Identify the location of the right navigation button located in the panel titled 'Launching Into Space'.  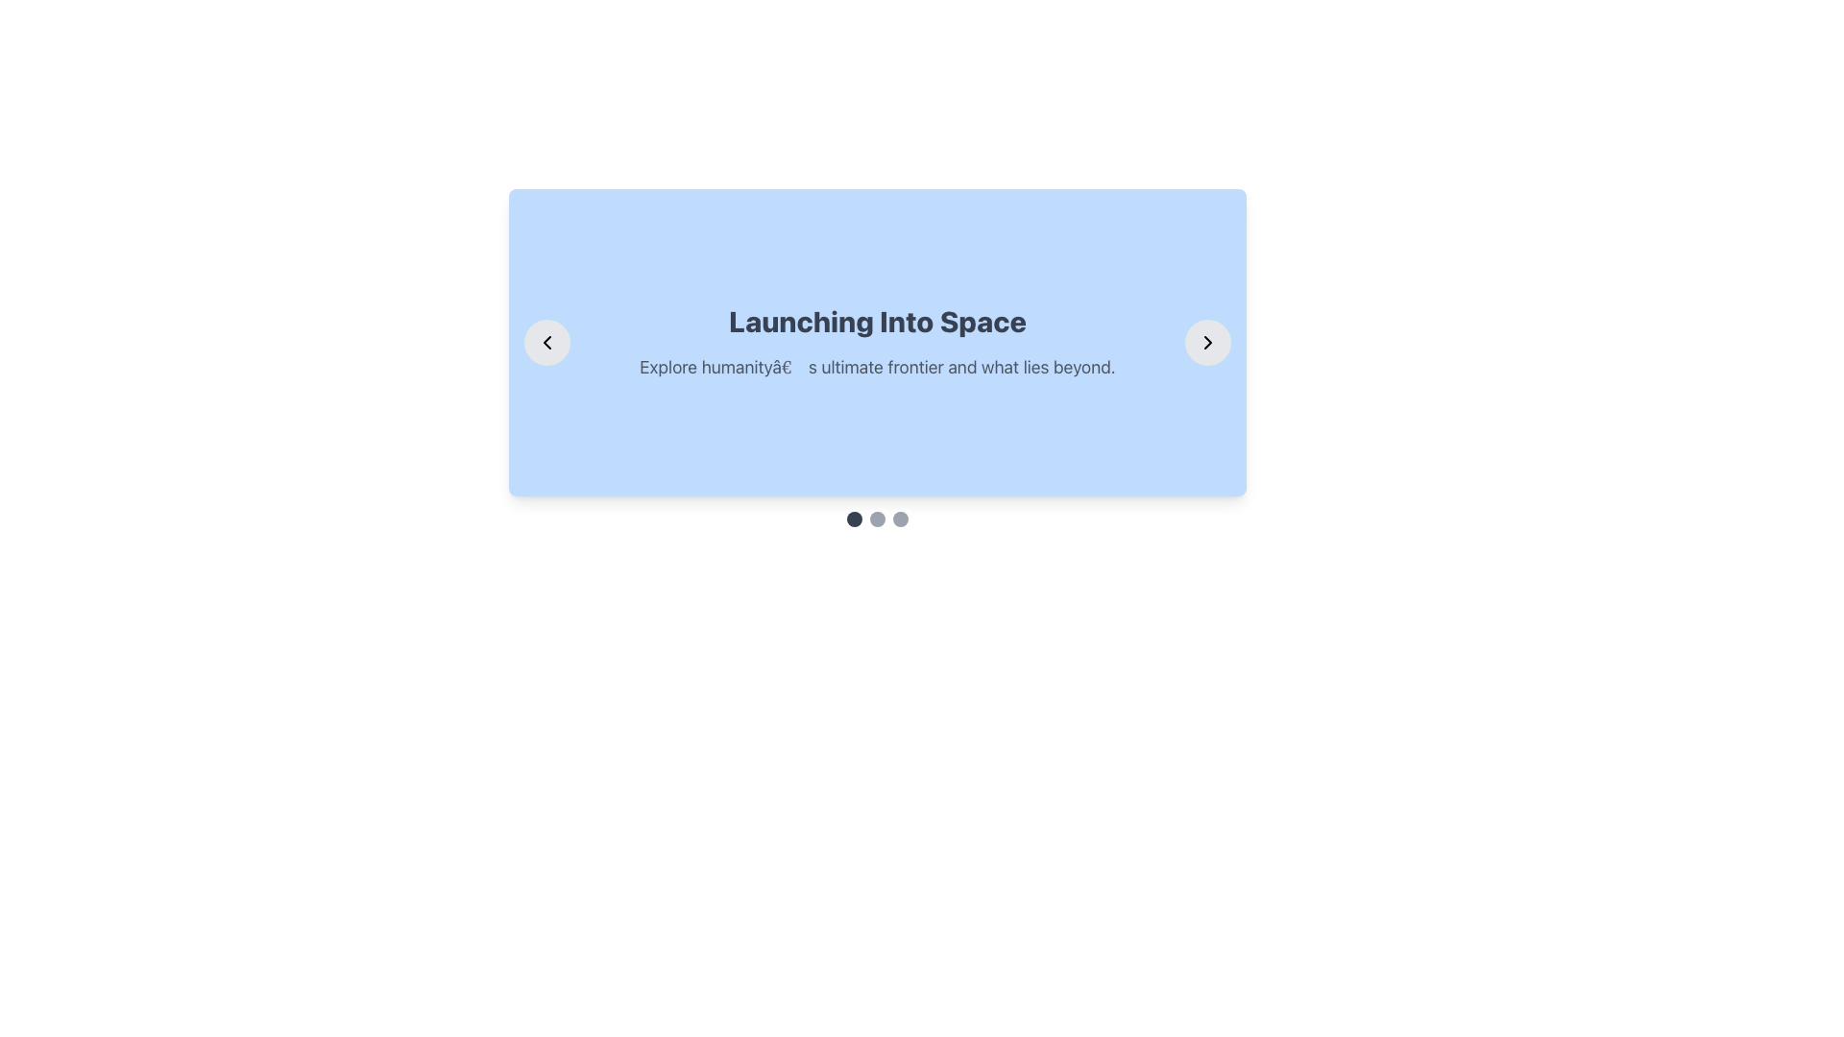
(1206, 342).